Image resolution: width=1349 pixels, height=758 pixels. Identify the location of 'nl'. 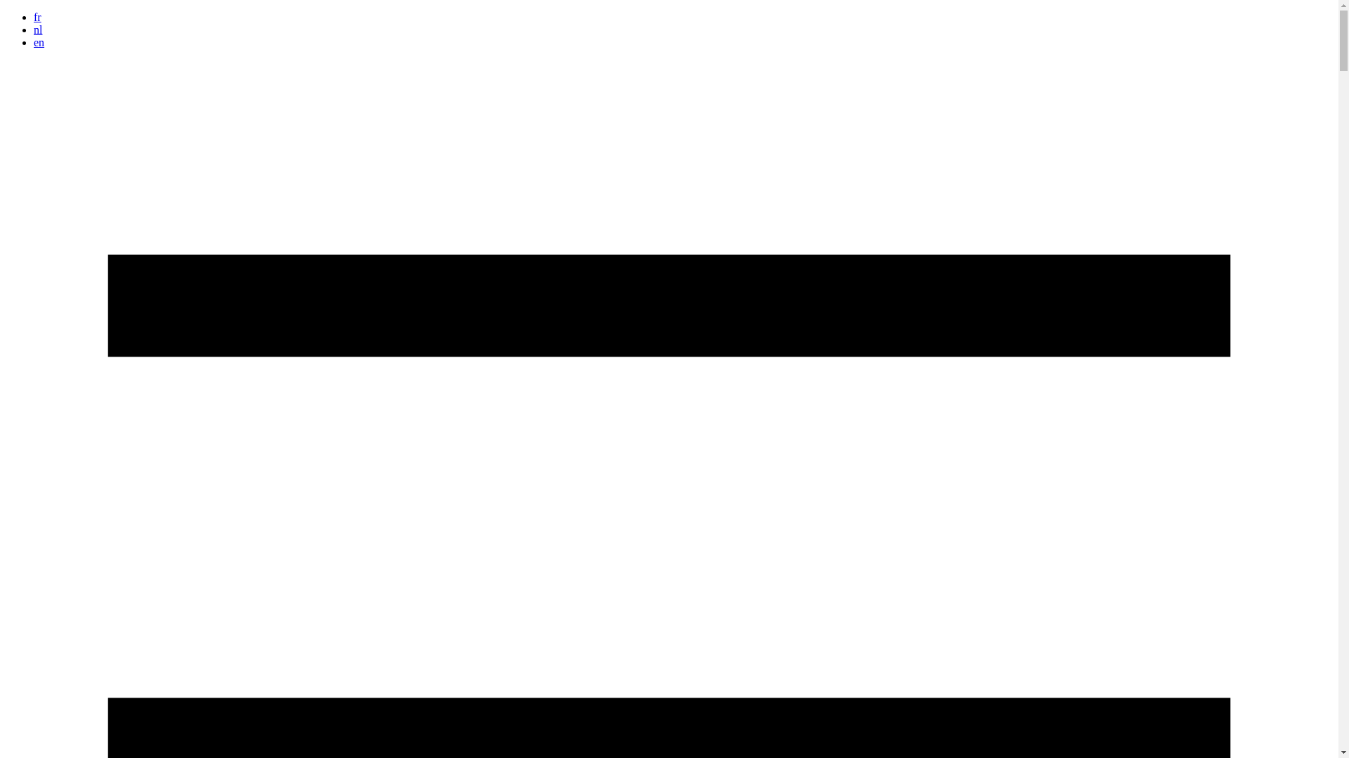
(34, 29).